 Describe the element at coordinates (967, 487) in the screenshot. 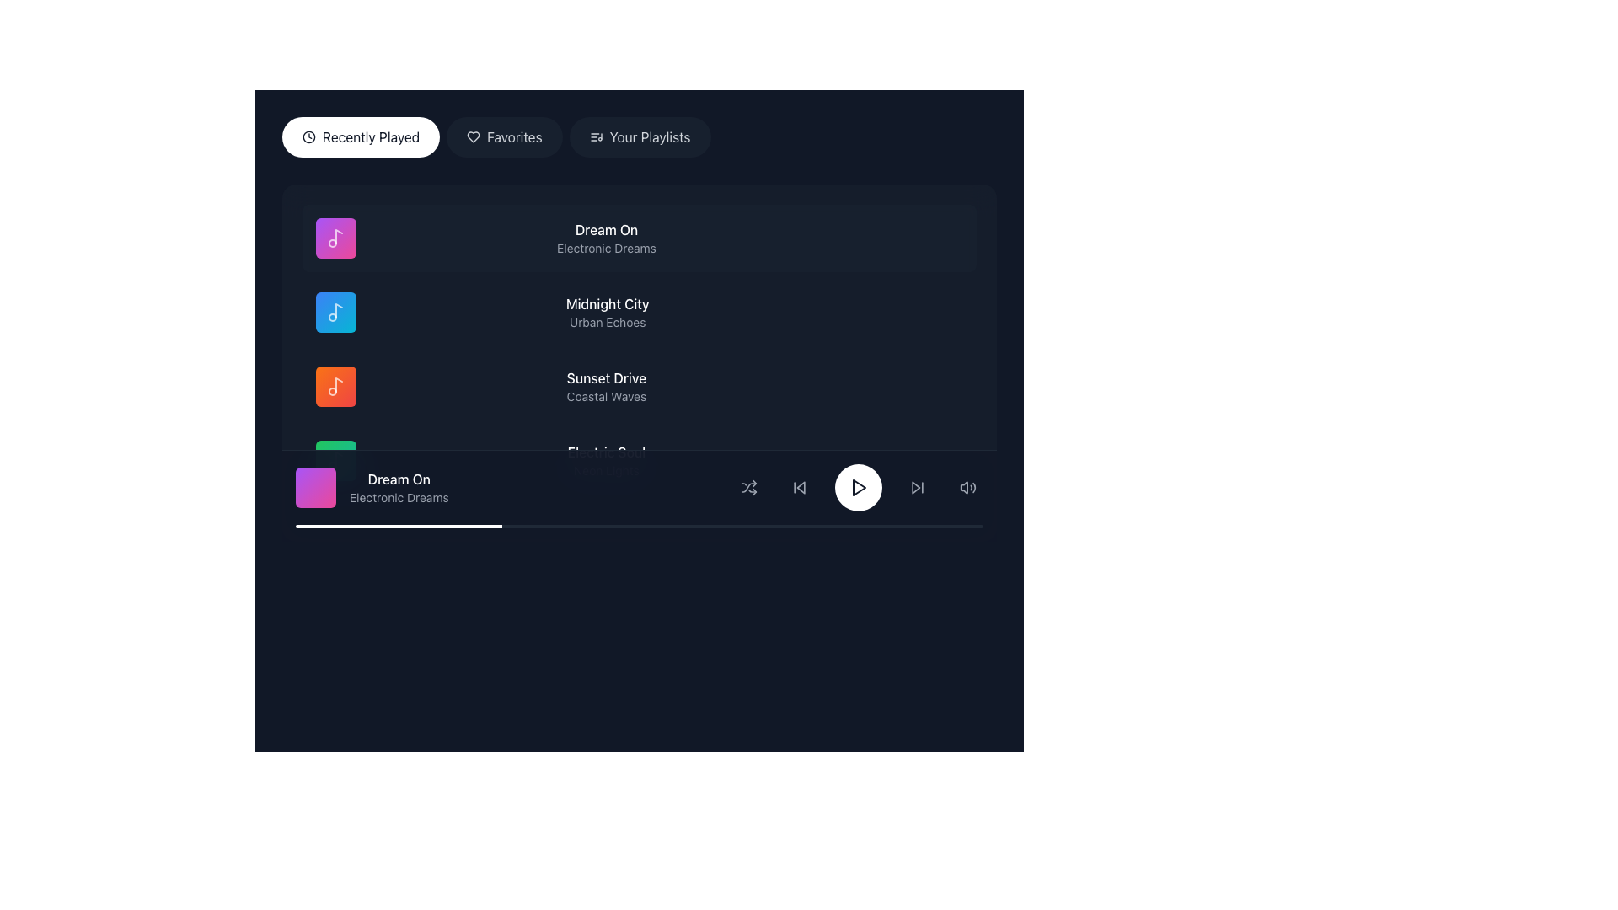

I see `the speaker icon button in the music player interface` at that location.